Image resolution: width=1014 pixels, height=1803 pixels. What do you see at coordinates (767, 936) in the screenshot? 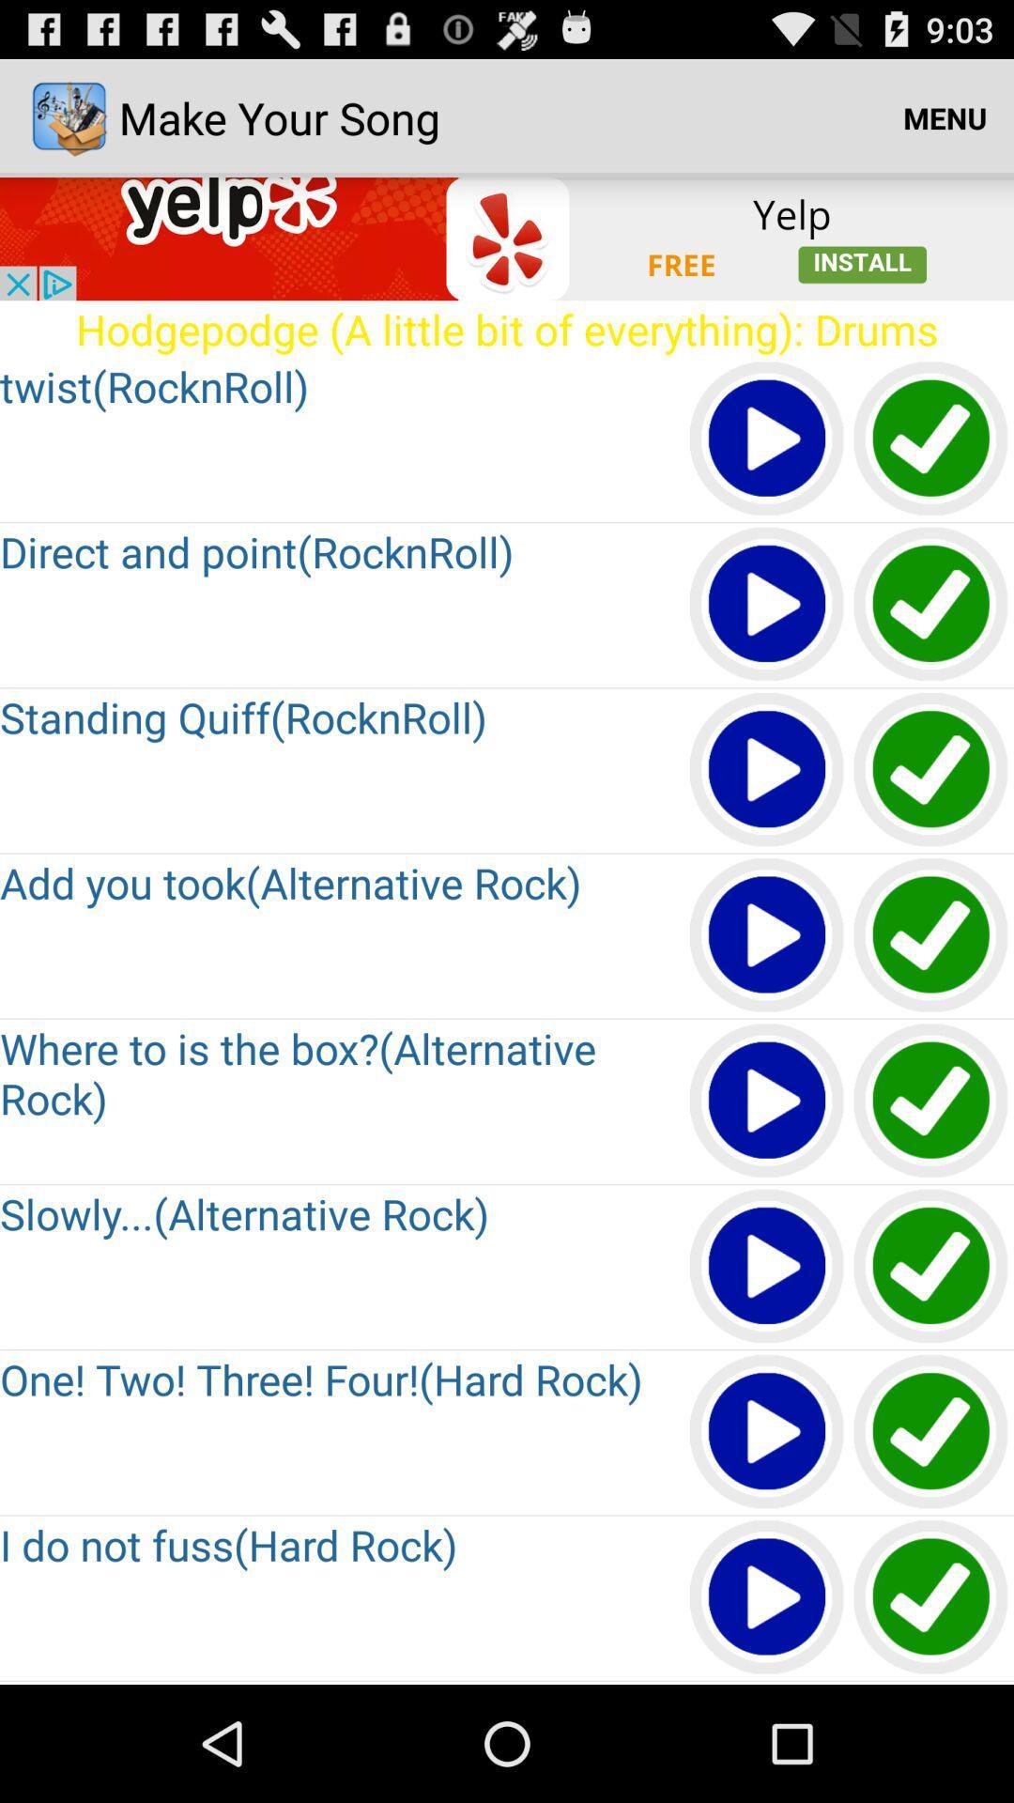
I see `audio file` at bounding box center [767, 936].